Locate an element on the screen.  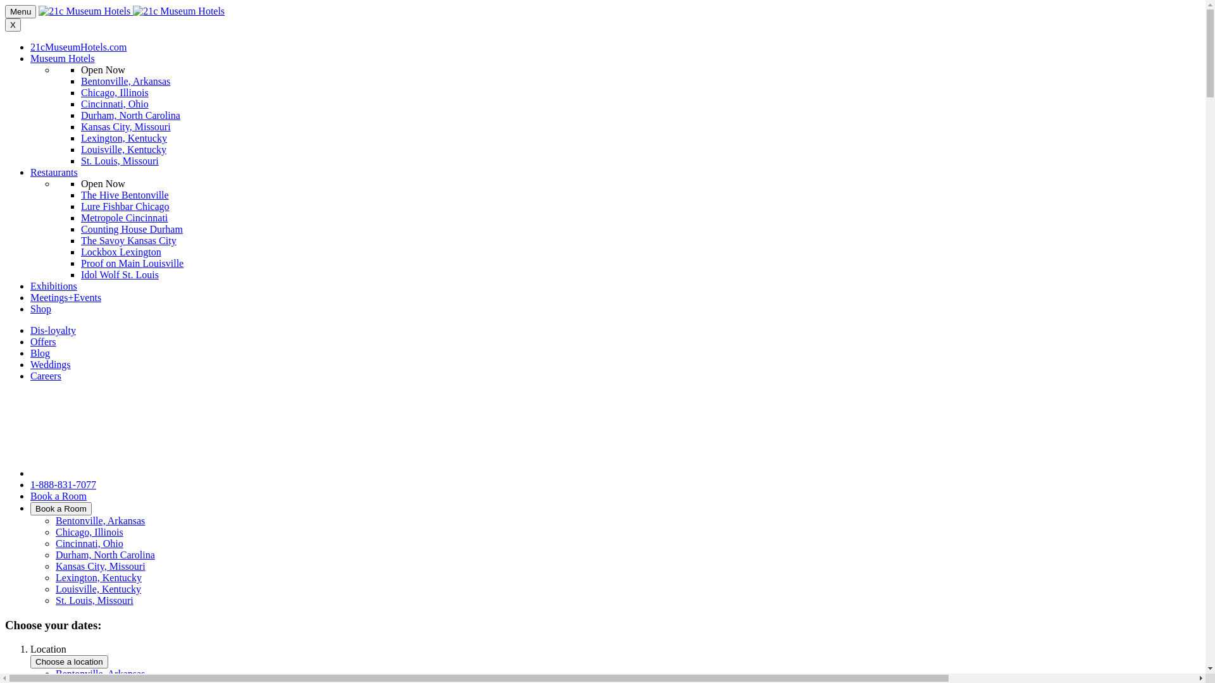
'Lockbox Lexington' is located at coordinates (121, 252).